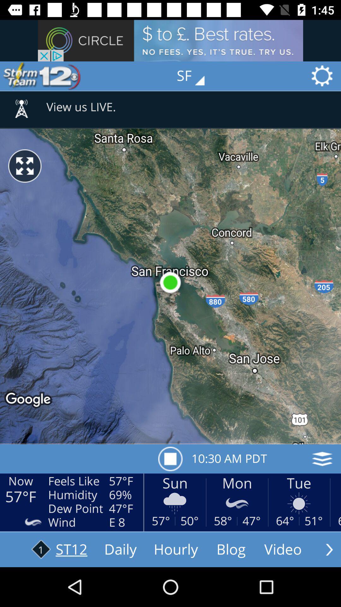 Image resolution: width=341 pixels, height=607 pixels. What do you see at coordinates (231, 549) in the screenshot?
I see `the text which is right to the text hourly` at bounding box center [231, 549].